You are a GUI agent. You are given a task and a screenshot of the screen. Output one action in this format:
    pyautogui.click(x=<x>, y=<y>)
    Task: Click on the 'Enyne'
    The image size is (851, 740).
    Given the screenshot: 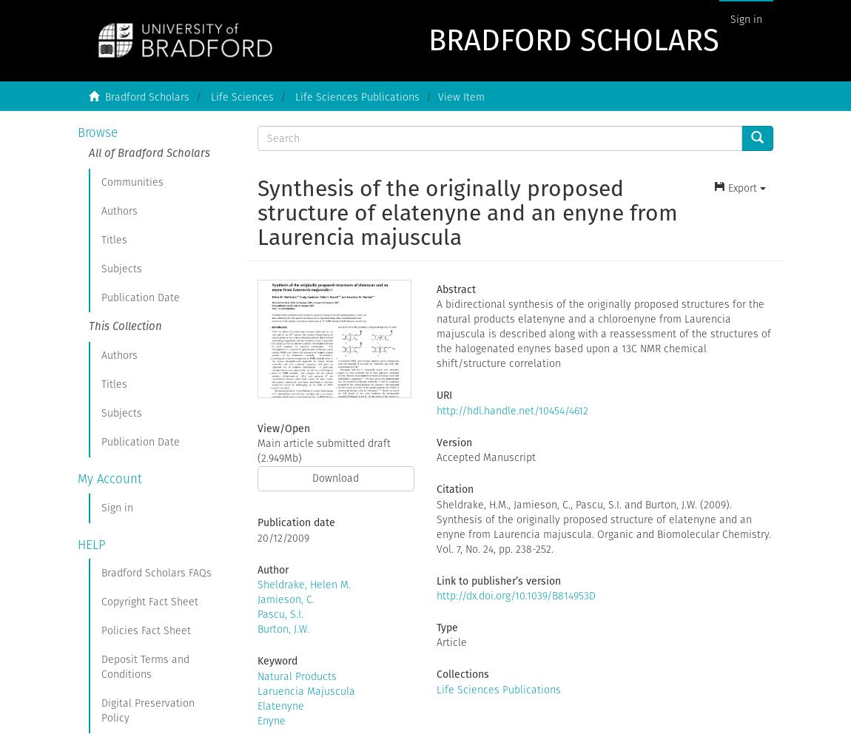 What is the action you would take?
    pyautogui.click(x=271, y=719)
    